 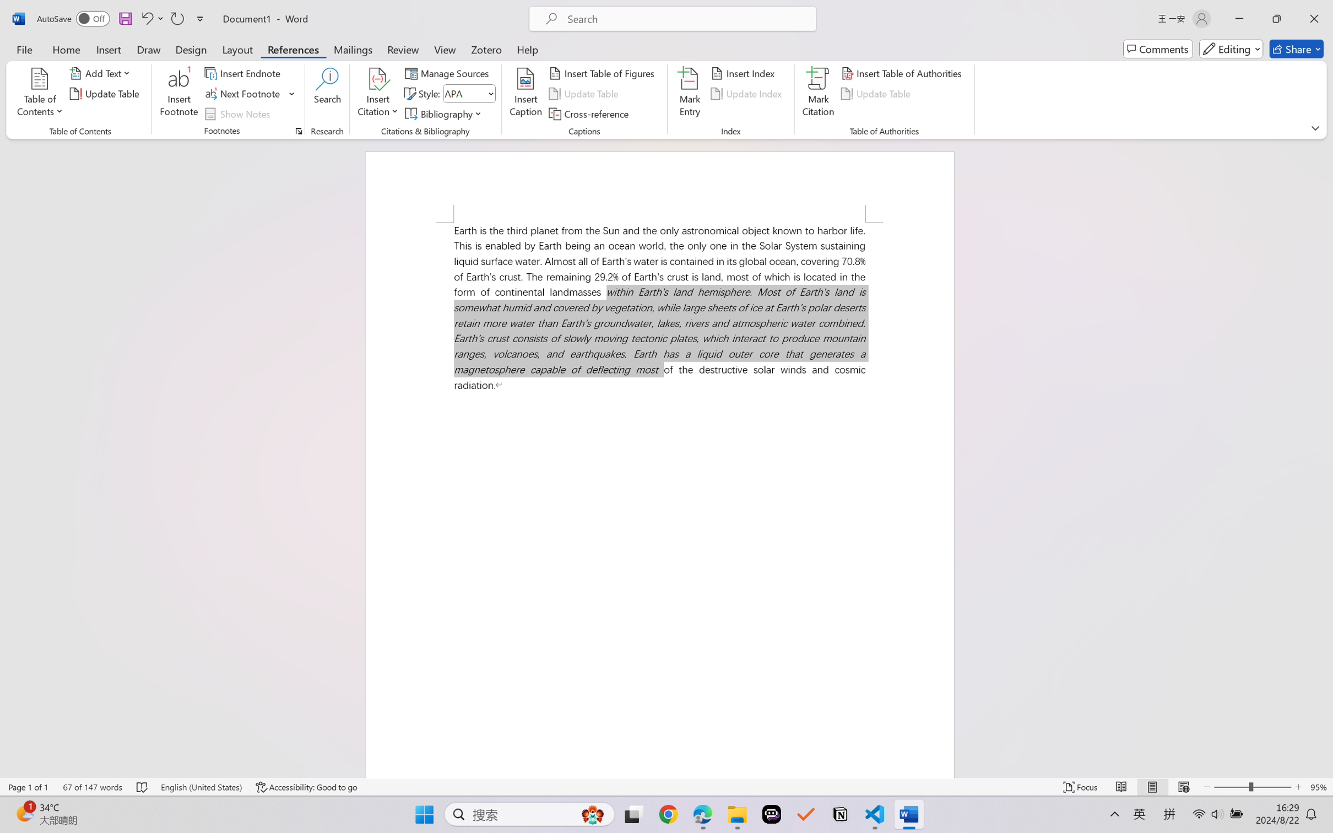 What do you see at coordinates (590, 114) in the screenshot?
I see `'Cross-reference...'` at bounding box center [590, 114].